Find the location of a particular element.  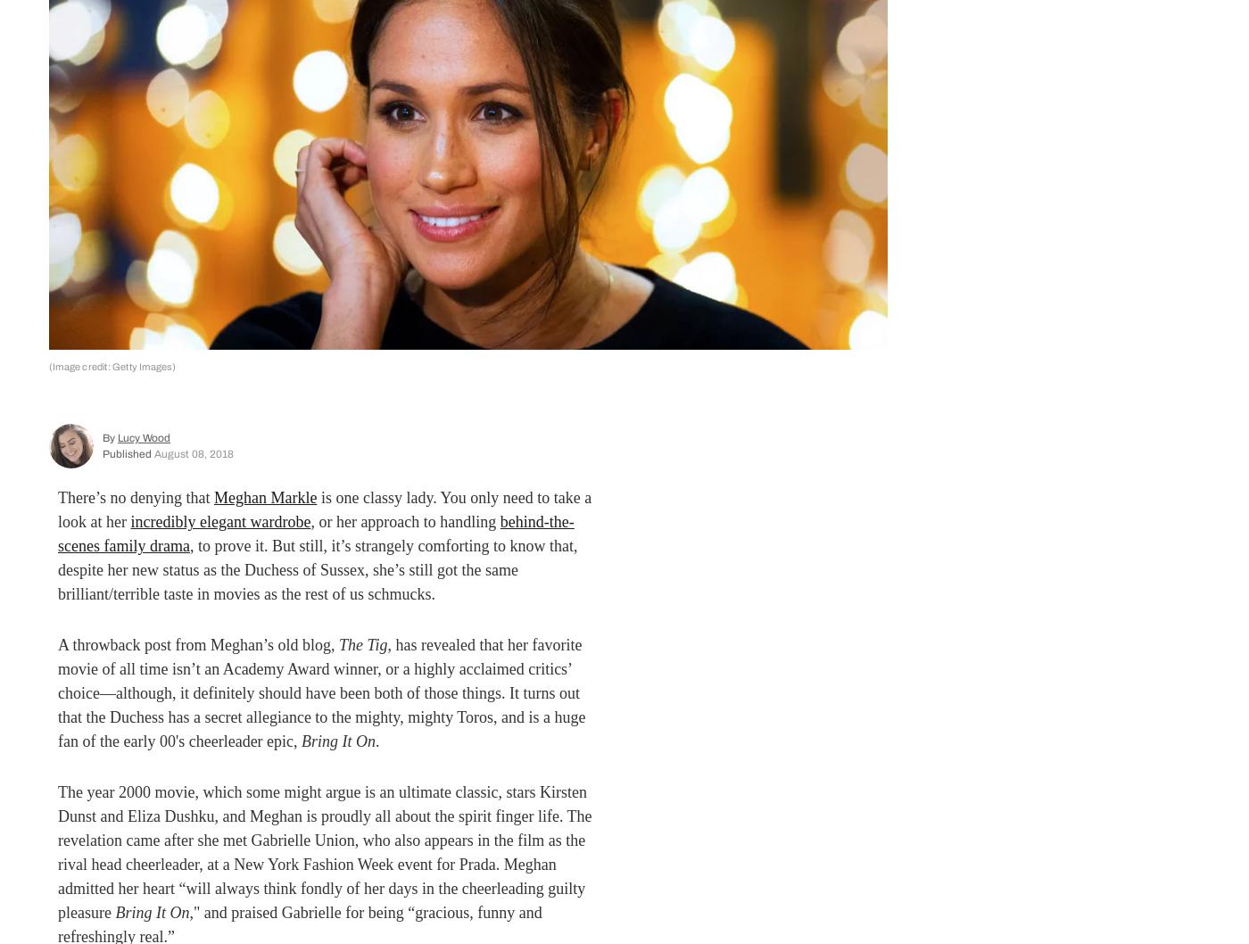

'is one classy lady. You only need to take a look at her' is located at coordinates (325, 509).